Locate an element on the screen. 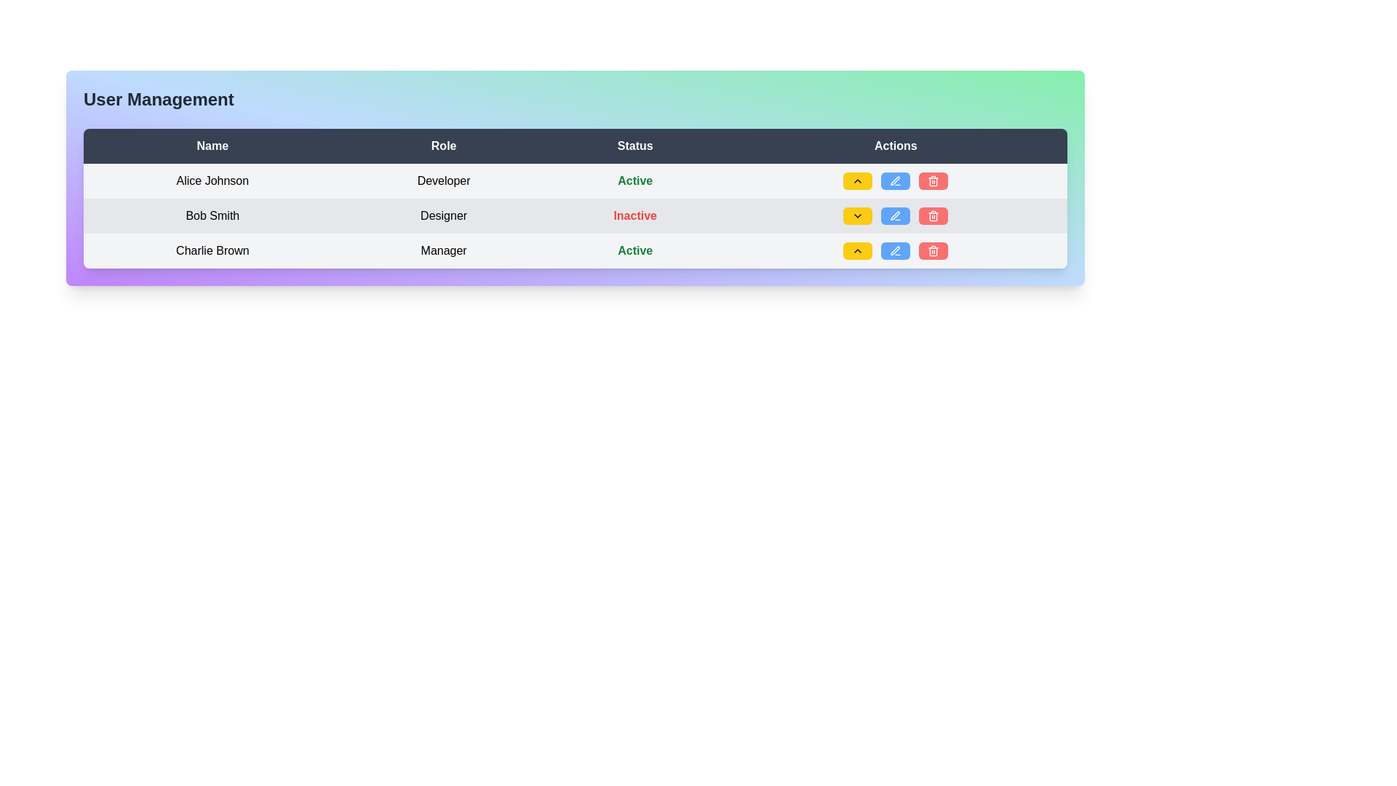 The height and width of the screenshot is (786, 1397). the edit button for the user entry 'Bob Smith', which is the second button from the left in the action button group of the table row for the user role 'Designer' and status 'Inactive' is located at coordinates (895, 216).